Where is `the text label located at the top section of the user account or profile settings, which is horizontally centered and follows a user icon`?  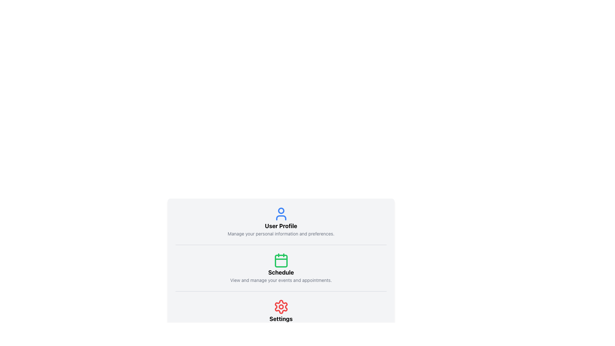
the text label located at the top section of the user account or profile settings, which is horizontally centered and follows a user icon is located at coordinates (281, 226).